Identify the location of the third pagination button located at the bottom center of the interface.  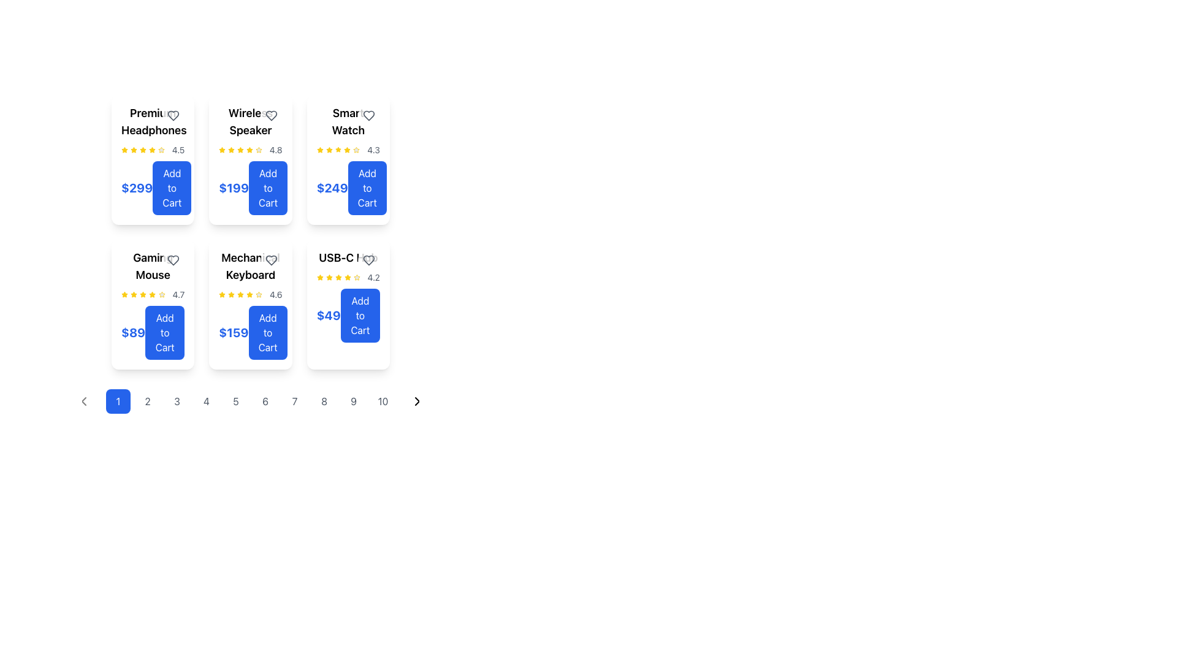
(176, 401).